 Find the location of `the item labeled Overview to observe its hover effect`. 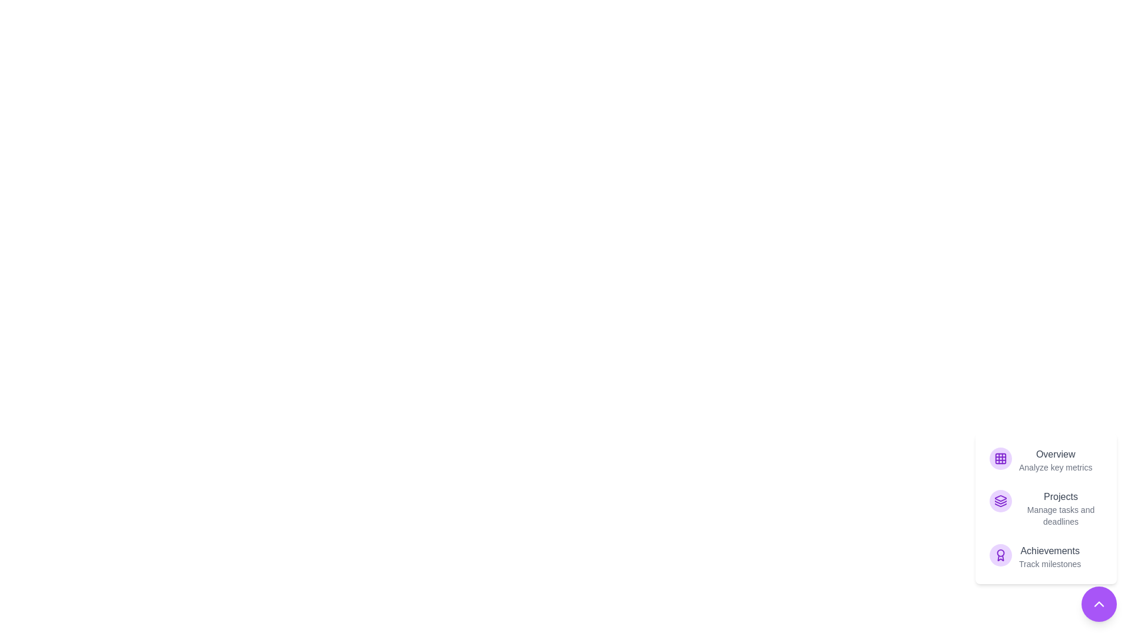

the item labeled Overview to observe its hover effect is located at coordinates (1046, 460).